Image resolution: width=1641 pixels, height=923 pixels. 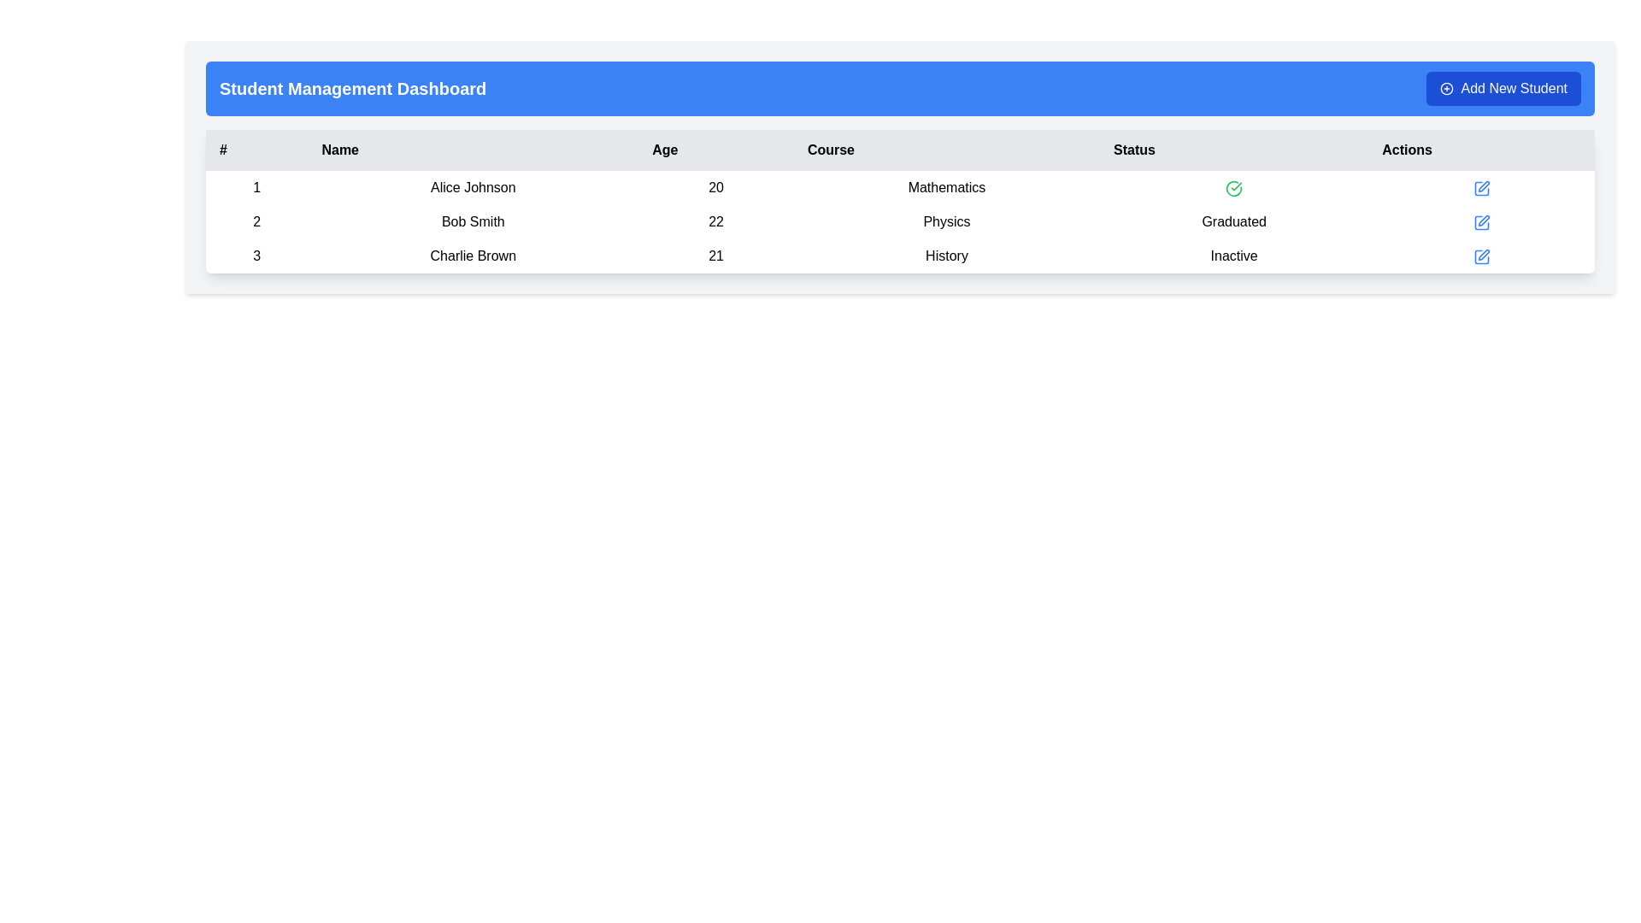 What do you see at coordinates (899, 220) in the screenshot?
I see `the second data row in the student management dashboard that displays student records, located between 'Alice Johnson' and 'Charlie Brown'` at bounding box center [899, 220].